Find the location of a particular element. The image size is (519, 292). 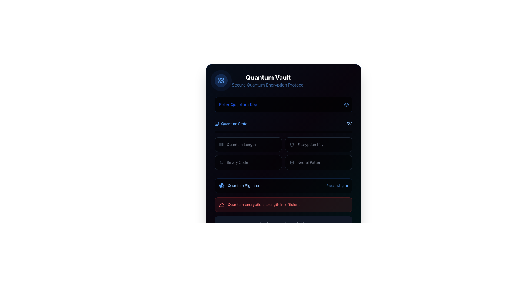

the SVG Shape element that is part of the Eye Icon, located adjacent to the input field labeled 'Enter Quantum Key' is located at coordinates (346, 104).